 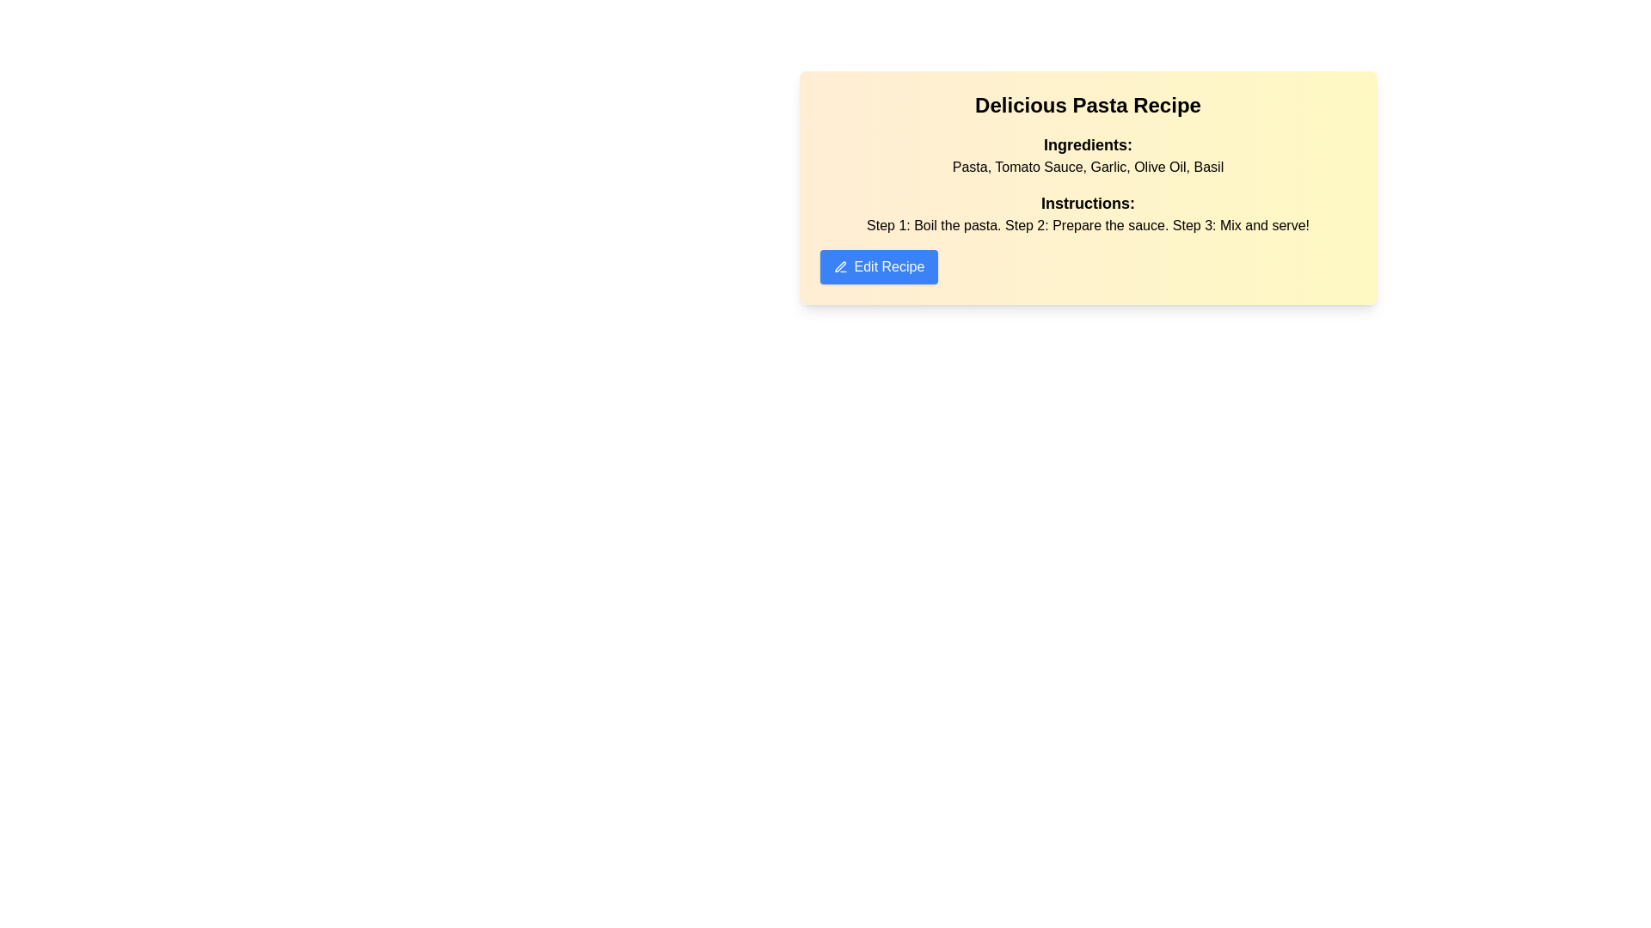 What do you see at coordinates (1087, 224) in the screenshot?
I see `instructions provided by the static text element located below the 'Instructions:' heading, which displays step-by-step recipe preparation information` at bounding box center [1087, 224].